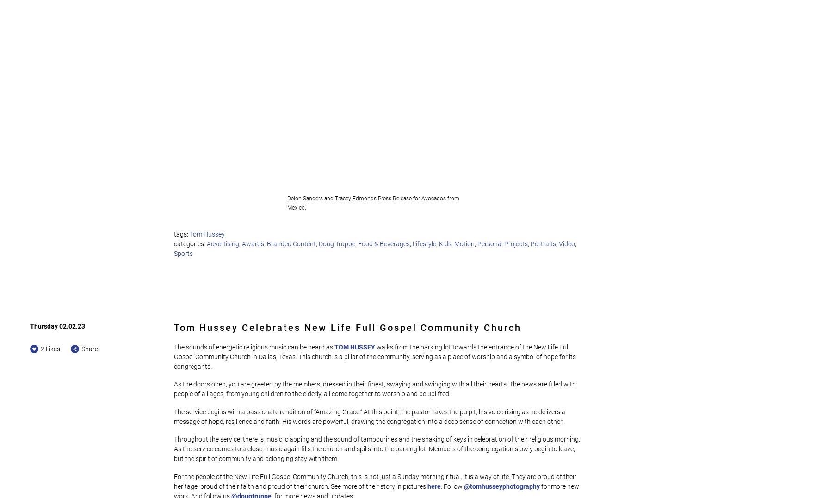  I want to click on 'here', so click(427, 486).